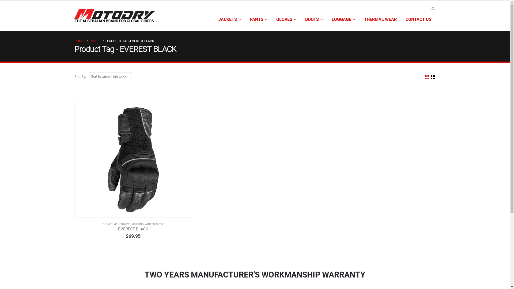 Image resolution: width=514 pixels, height=289 pixels. Describe the element at coordinates (258, 19) in the screenshot. I see `'PANTS'` at that location.